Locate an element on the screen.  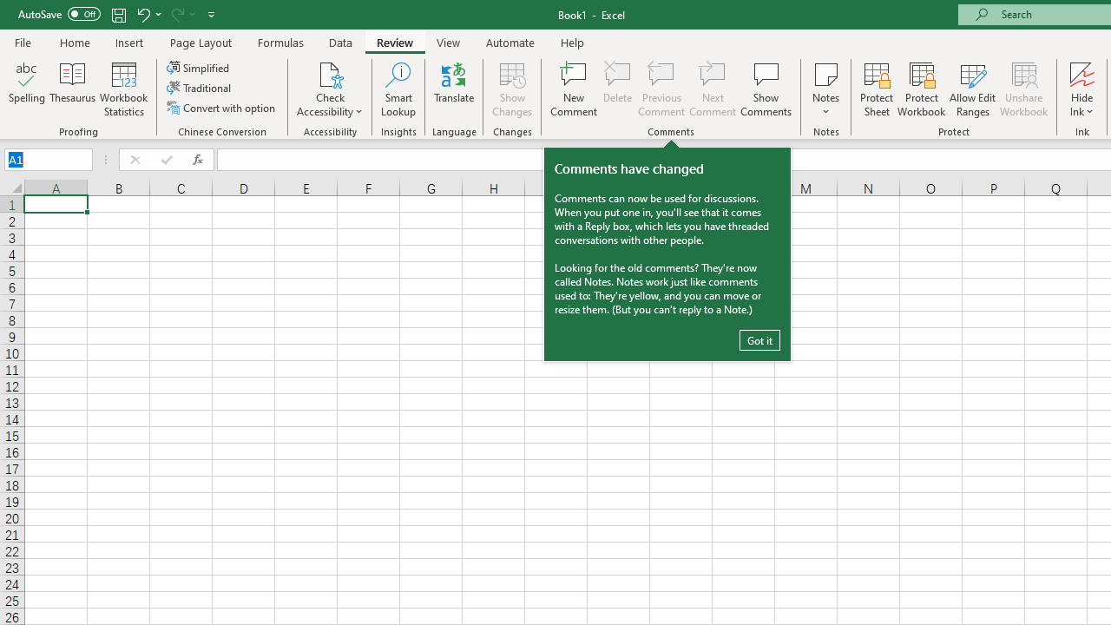
'Thesaurus...' is located at coordinates (71, 89).